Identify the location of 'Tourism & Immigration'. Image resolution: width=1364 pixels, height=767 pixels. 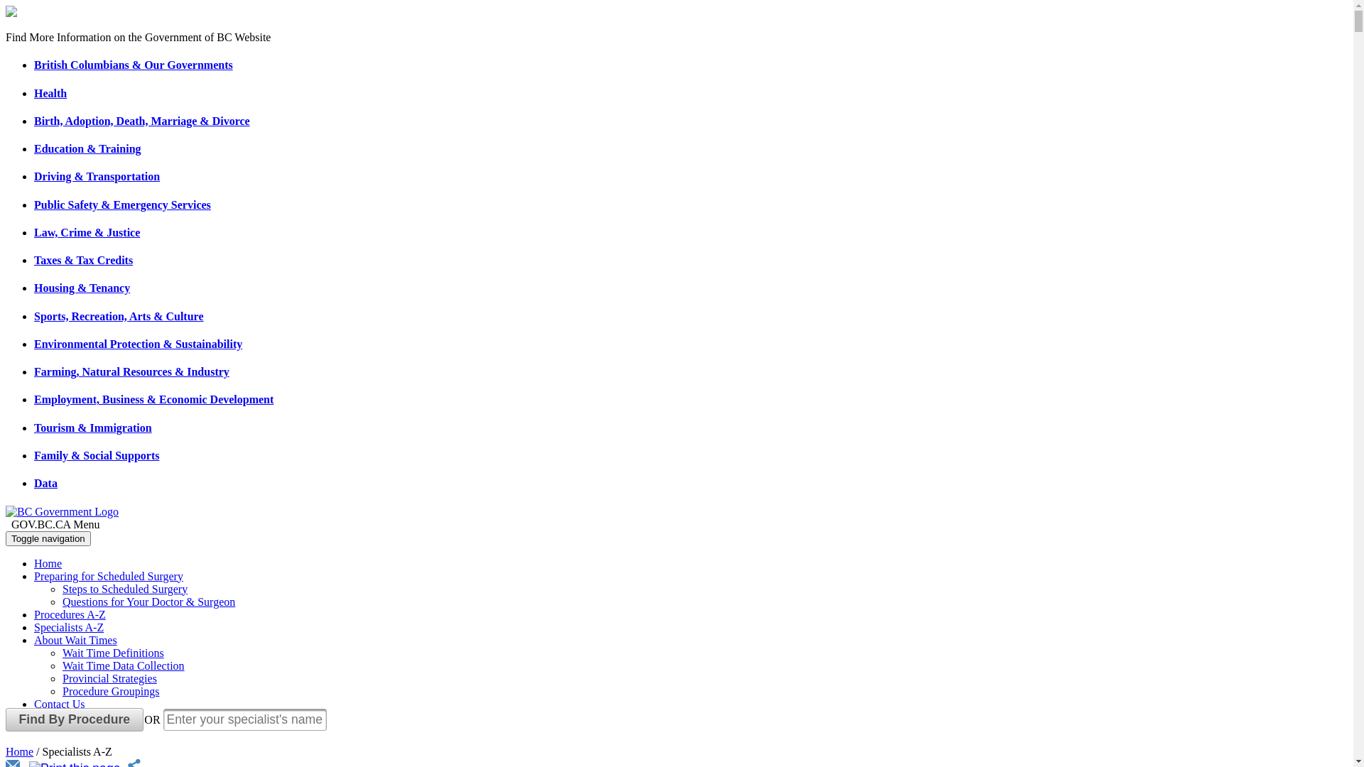
(92, 427).